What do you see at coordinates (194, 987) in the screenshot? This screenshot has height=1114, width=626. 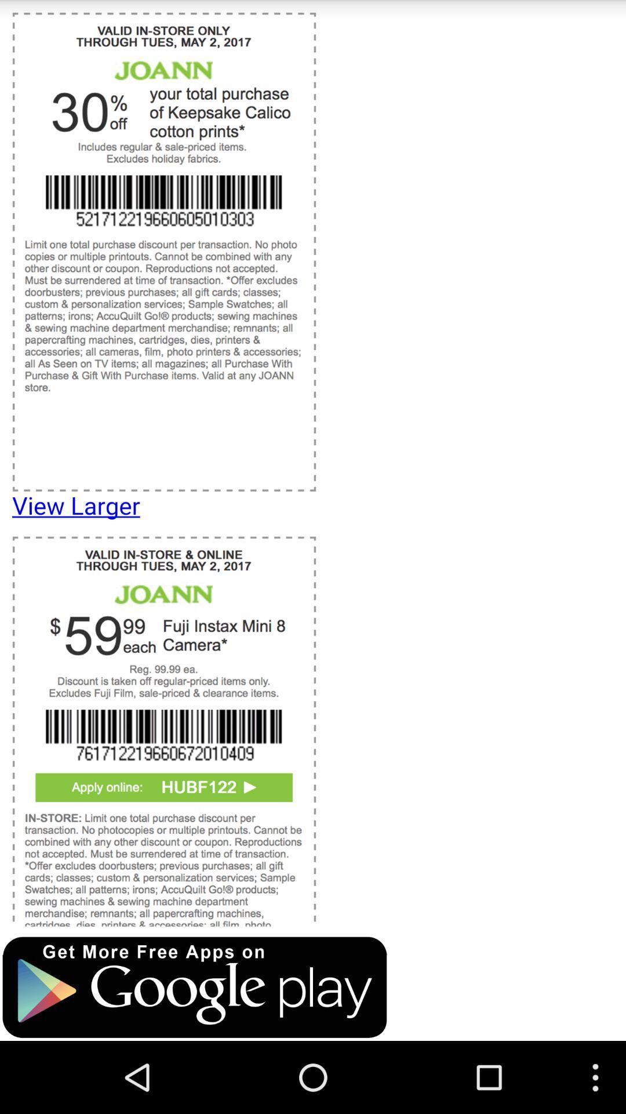 I see `open google play store` at bounding box center [194, 987].